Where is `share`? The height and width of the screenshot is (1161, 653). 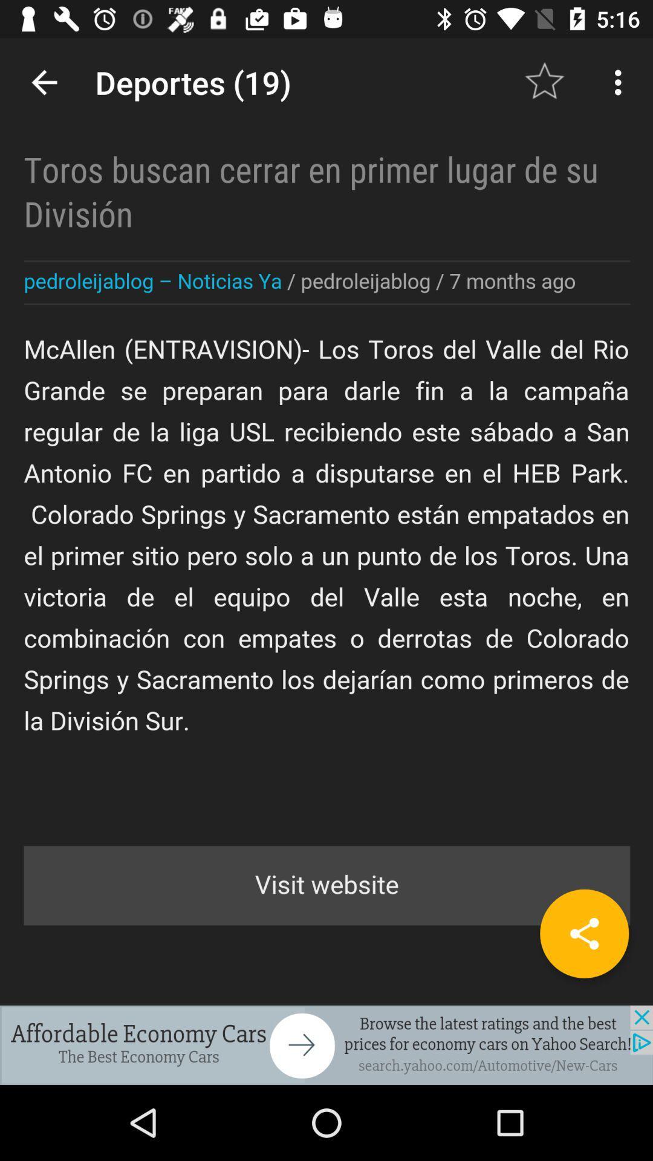 share is located at coordinates (583, 933).